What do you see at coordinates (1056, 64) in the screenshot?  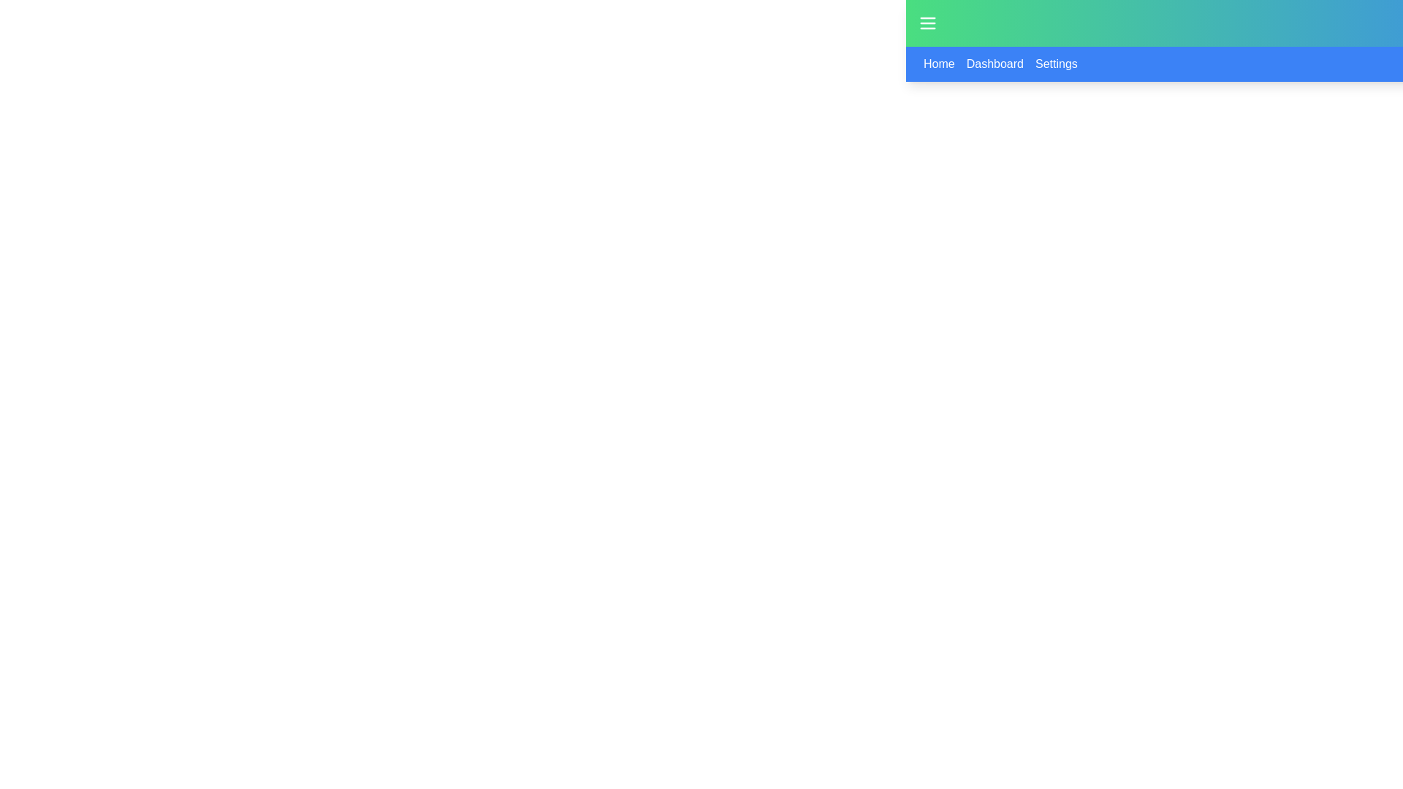 I see `the third Clickable Text Link in the horizontal menu bar to underline the text, which navigates to the 'Settings' section` at bounding box center [1056, 64].